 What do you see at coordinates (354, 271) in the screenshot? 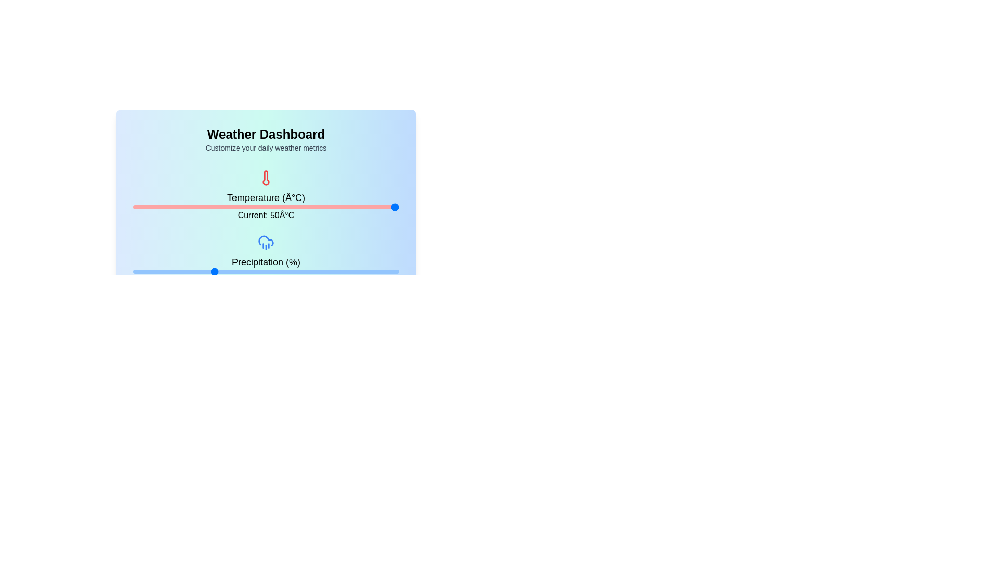
I see `precipitation` at bounding box center [354, 271].